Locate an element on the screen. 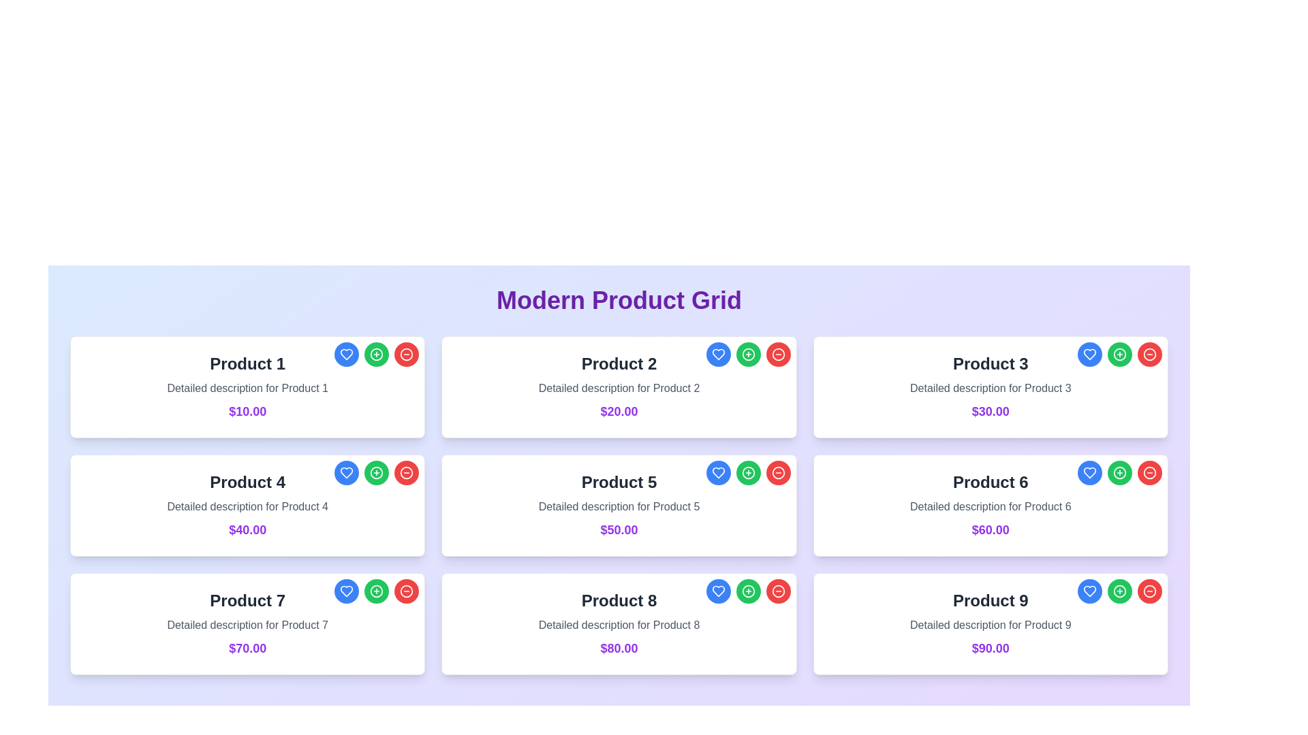 The image size is (1308, 735). the 'remove' icon button located in the top-right corner of the 'Product 8' card is located at coordinates (778, 590).